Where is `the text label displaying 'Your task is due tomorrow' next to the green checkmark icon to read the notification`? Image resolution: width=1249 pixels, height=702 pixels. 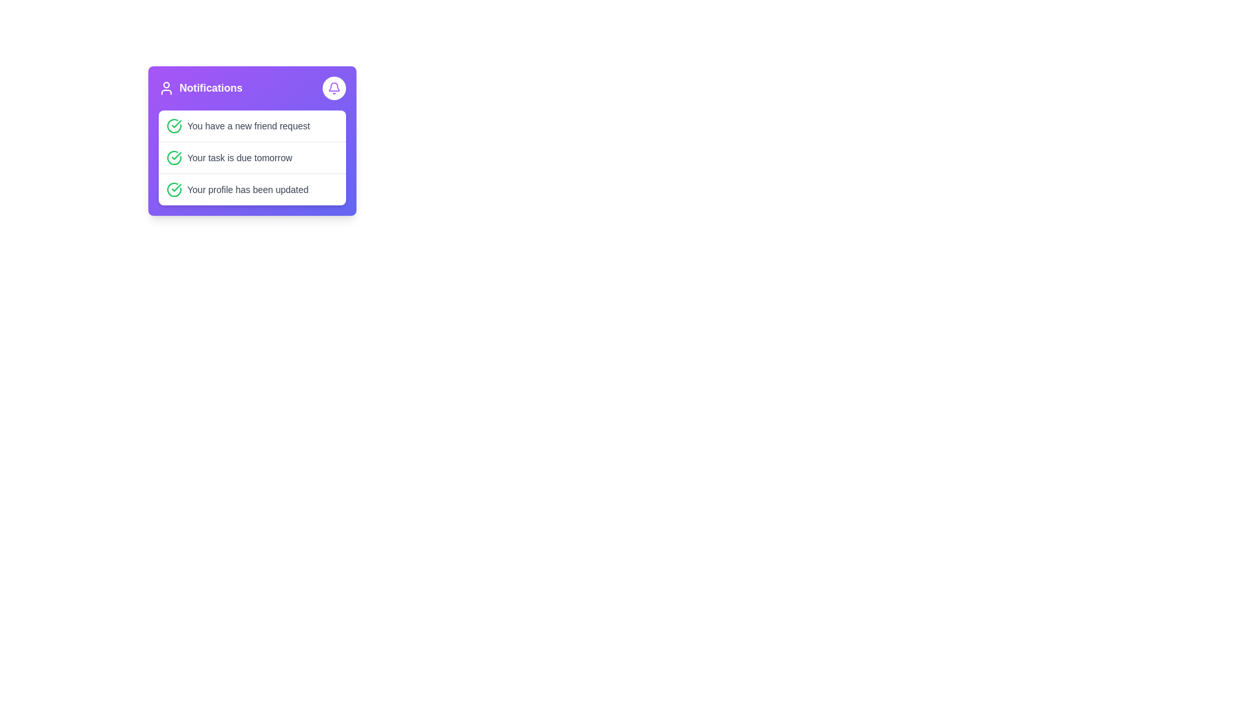 the text label displaying 'Your task is due tomorrow' next to the green checkmark icon to read the notification is located at coordinates (239, 157).